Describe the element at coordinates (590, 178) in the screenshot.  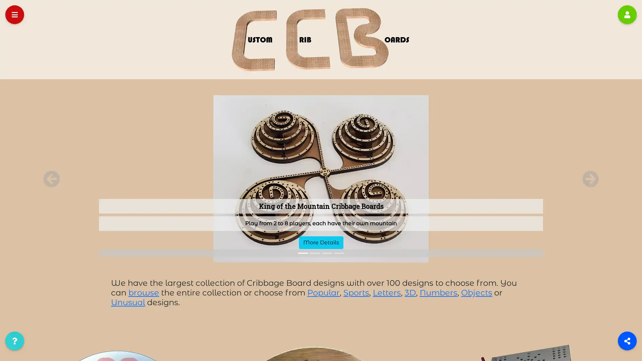
I see `Next` at that location.